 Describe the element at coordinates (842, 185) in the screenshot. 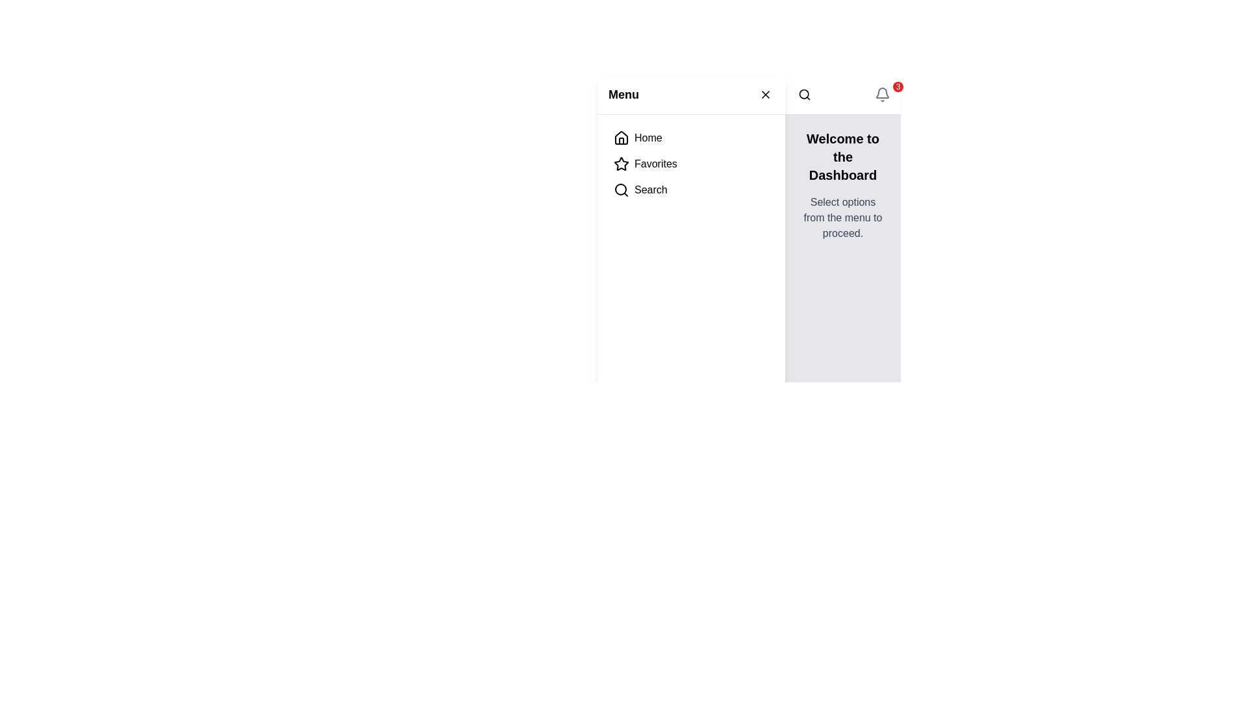

I see `the static text element displaying 'Welcome to the Dashboard' and 'Select options from the menu to proceed.'` at that location.